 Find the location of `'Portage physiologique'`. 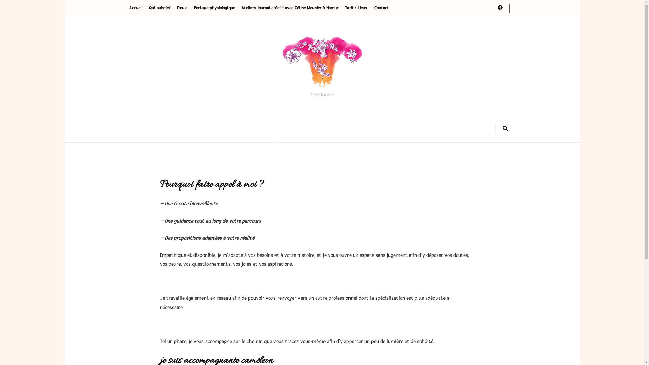

'Portage physiologique' is located at coordinates (214, 8).